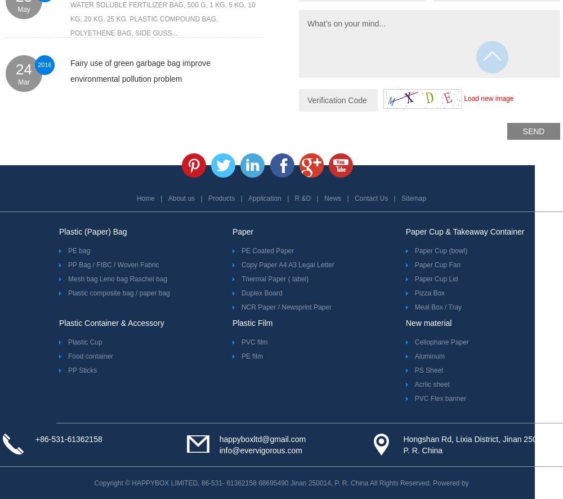  What do you see at coordinates (241, 293) in the screenshot?
I see `'Duplex Board'` at bounding box center [241, 293].